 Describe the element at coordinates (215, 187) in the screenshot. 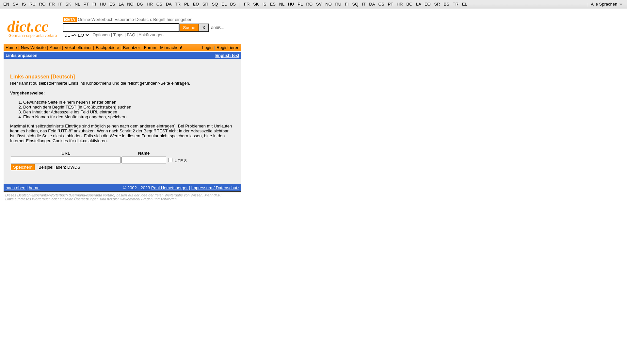

I see `'Impressum / Datenschutz'` at that location.